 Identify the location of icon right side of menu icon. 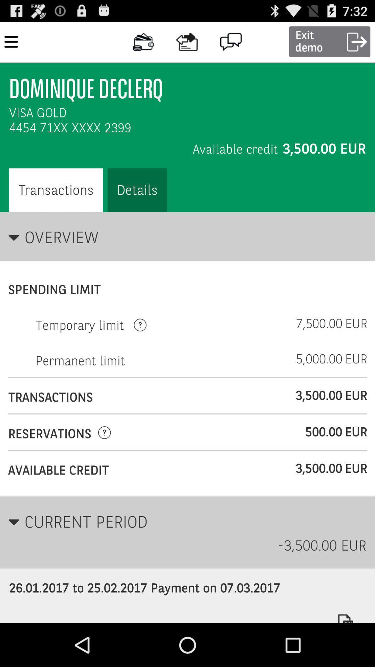
(143, 41).